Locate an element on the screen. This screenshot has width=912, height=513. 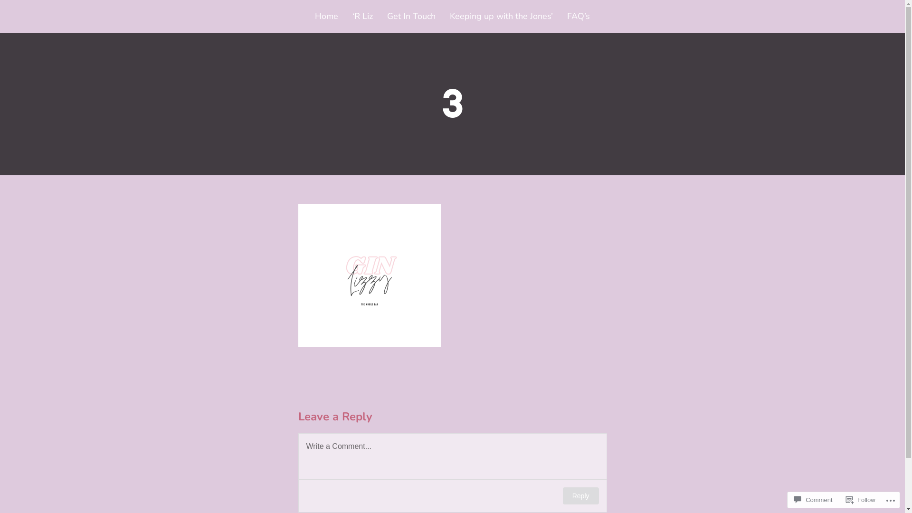
'Follow' is located at coordinates (861, 499).